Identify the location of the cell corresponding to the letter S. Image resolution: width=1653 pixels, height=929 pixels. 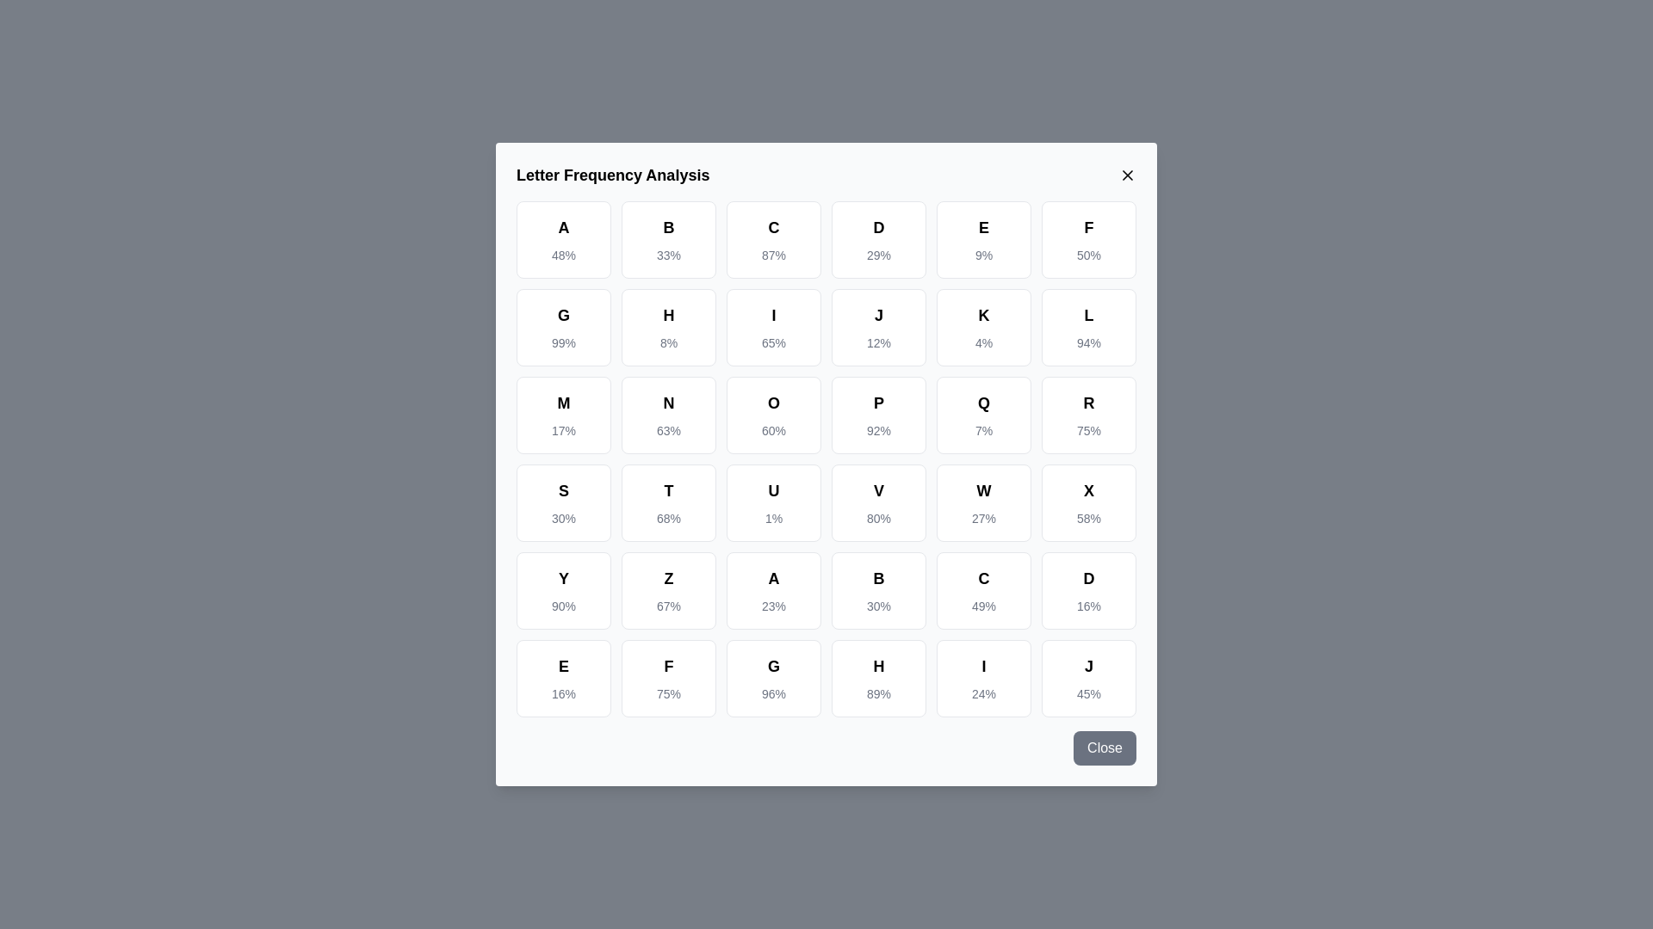
(563, 503).